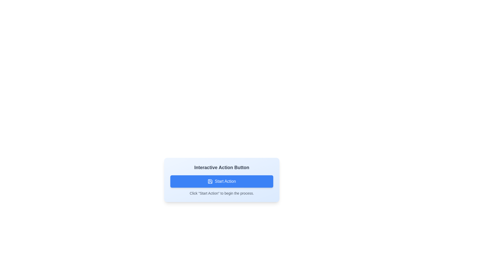  I want to click on the blue 'Start Action' button with a save icon, so click(222, 181).